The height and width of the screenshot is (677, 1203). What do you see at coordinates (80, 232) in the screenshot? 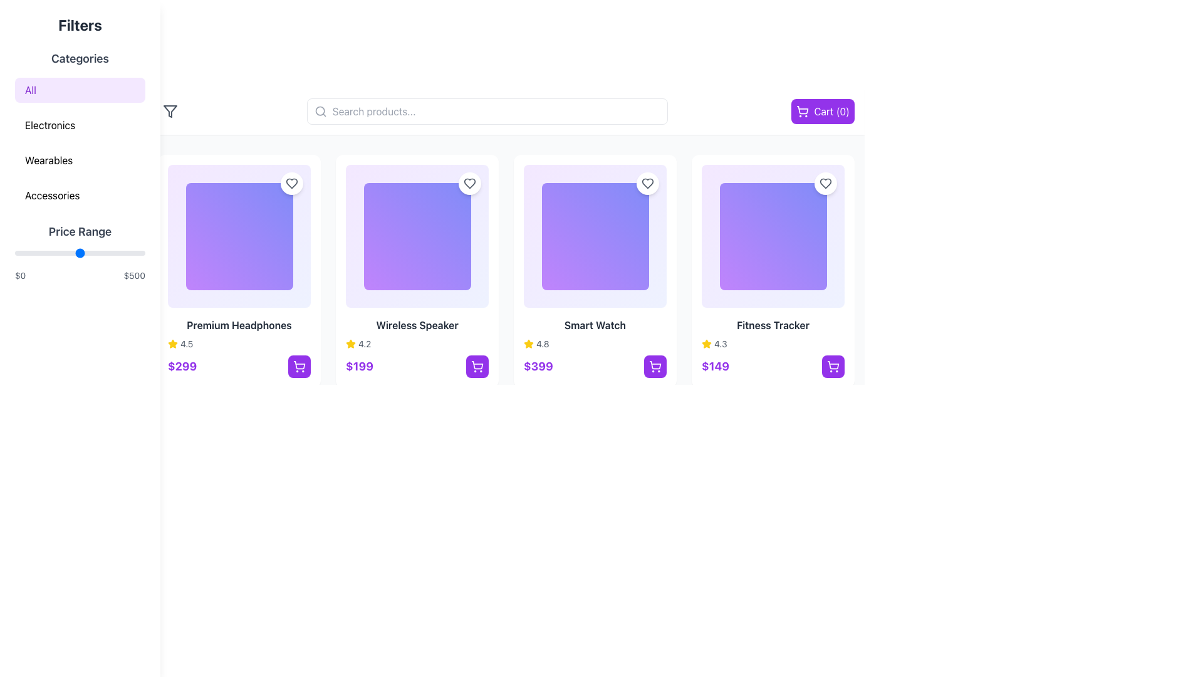
I see `the 'Price Range' text label, which is a prominent section header in the filter panel of the sidebar, displayed in bold, large-sized dark gray font` at bounding box center [80, 232].